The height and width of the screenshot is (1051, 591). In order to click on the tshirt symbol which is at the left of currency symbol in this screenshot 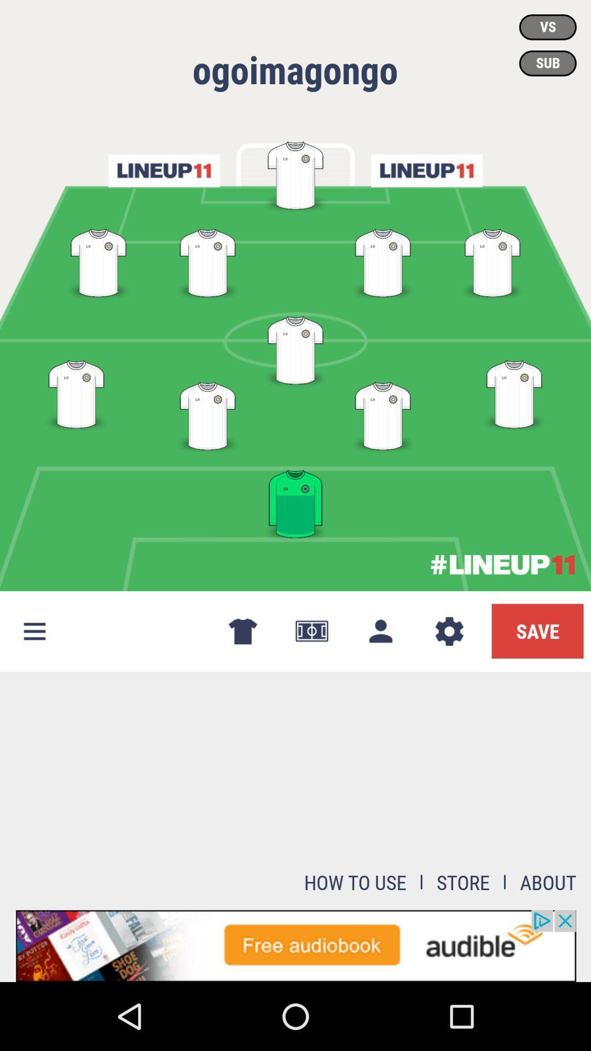, I will do `click(242, 631)`.